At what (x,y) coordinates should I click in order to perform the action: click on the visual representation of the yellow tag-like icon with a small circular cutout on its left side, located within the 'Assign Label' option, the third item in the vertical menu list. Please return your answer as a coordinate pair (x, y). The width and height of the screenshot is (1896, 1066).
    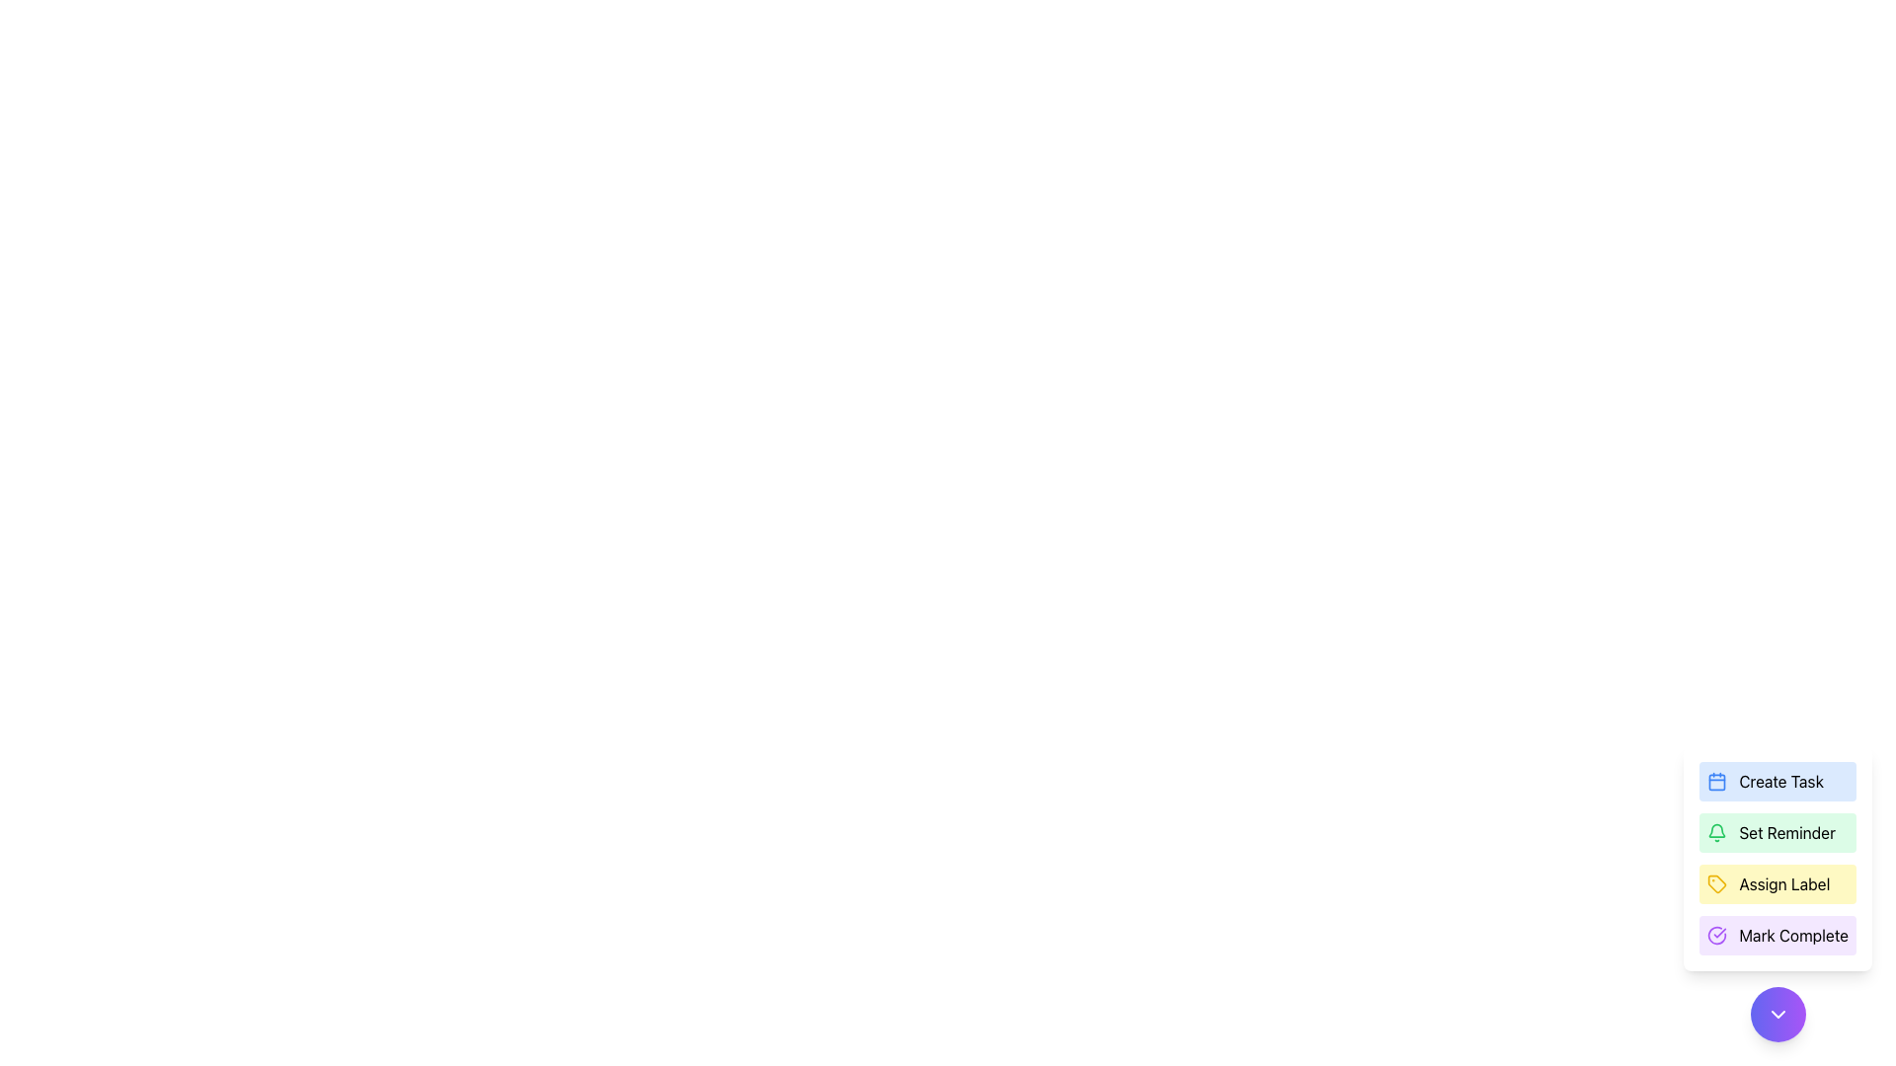
    Looking at the image, I should click on (1716, 882).